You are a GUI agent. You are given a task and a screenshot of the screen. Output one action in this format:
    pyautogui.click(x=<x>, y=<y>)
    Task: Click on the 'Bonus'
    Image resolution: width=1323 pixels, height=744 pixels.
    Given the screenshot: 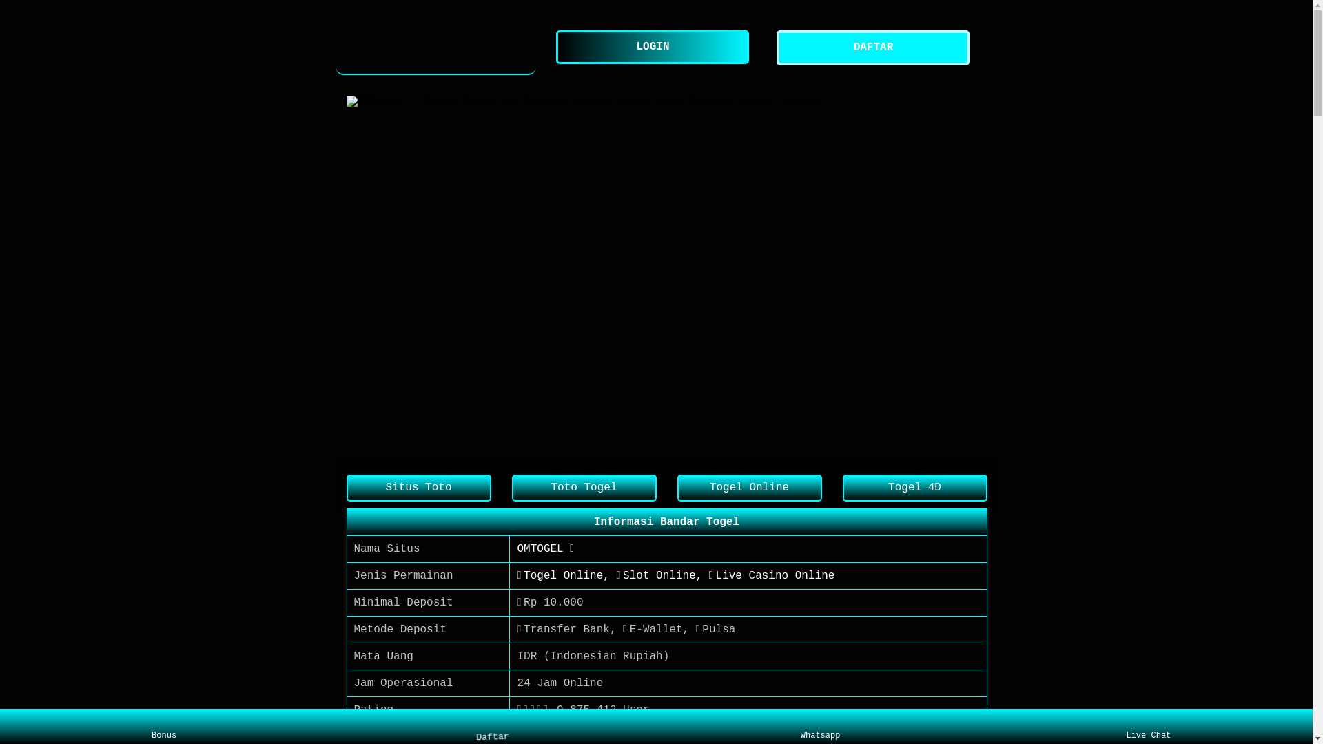 What is the action you would take?
    pyautogui.click(x=164, y=726)
    